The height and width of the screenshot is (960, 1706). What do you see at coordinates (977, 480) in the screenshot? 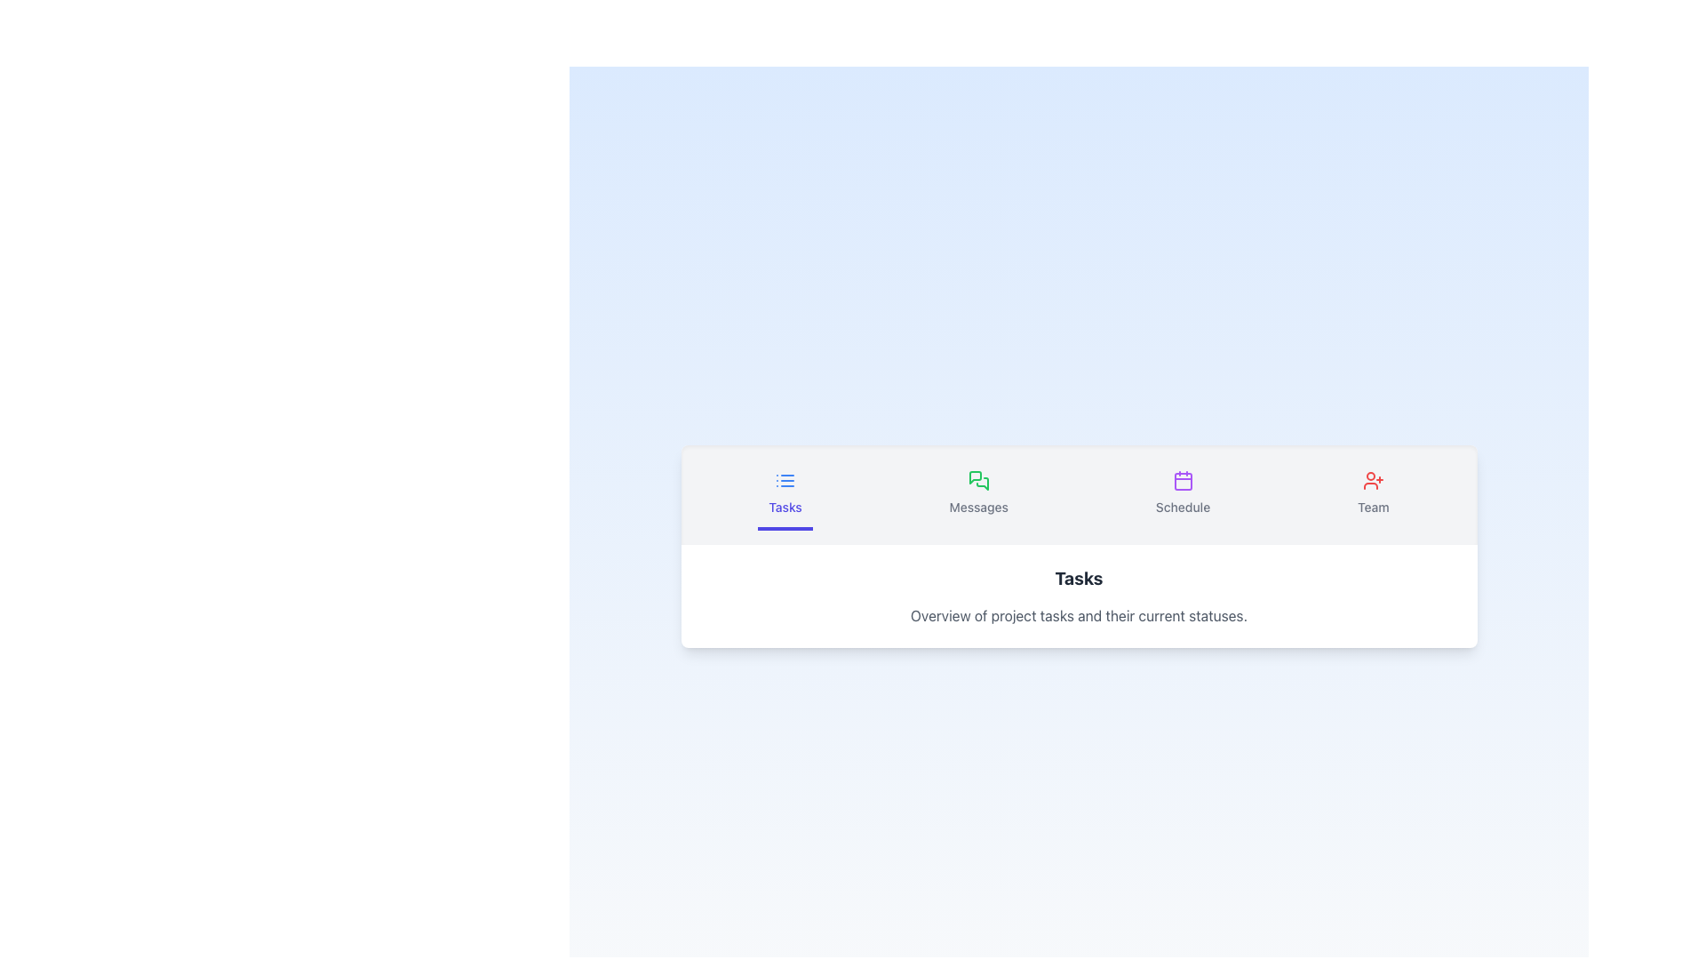
I see `the messages icon, which is represented by two overlapping green speech bubbles and is located above the text label 'Messages' in the menu bar` at bounding box center [977, 480].